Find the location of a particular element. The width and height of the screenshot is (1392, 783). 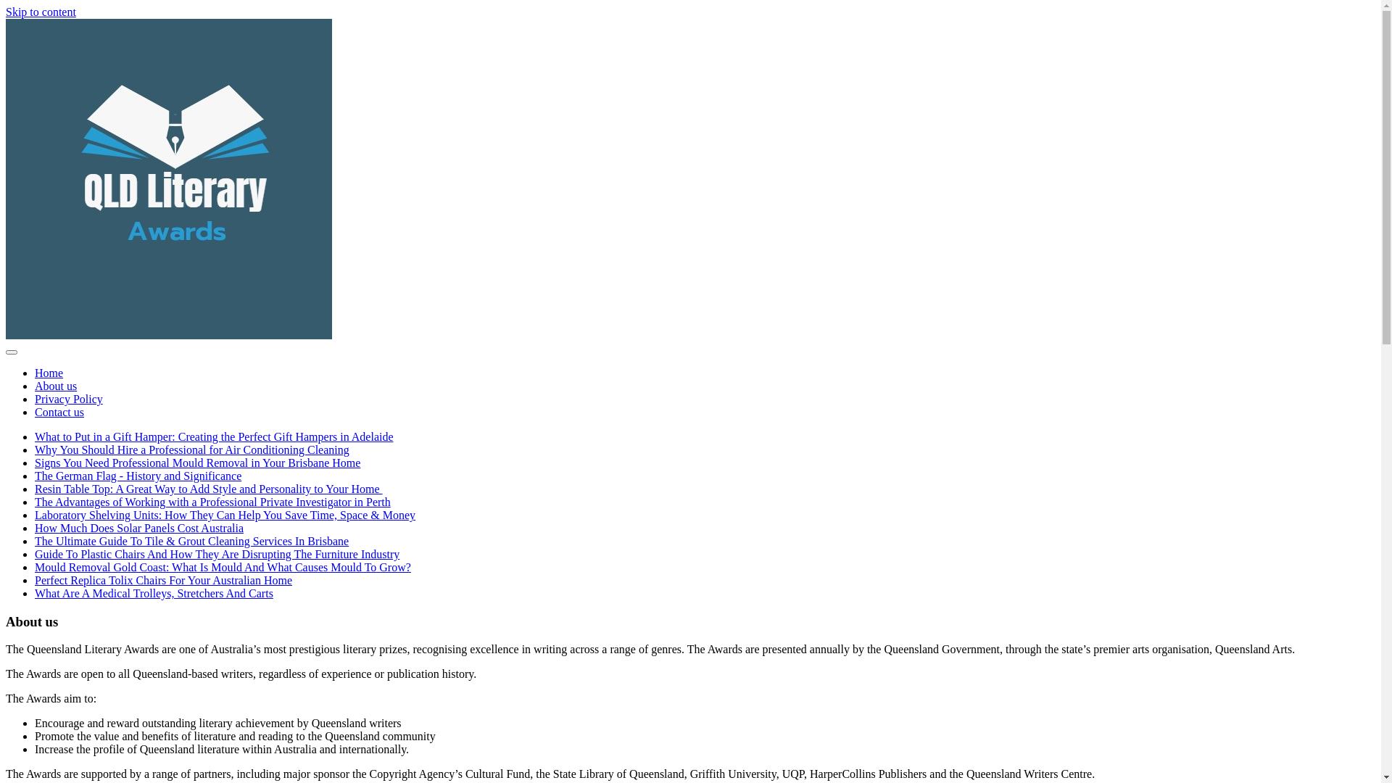

'Perfect Replica Tolix Chairs For Your Australian Home' is located at coordinates (163, 579).